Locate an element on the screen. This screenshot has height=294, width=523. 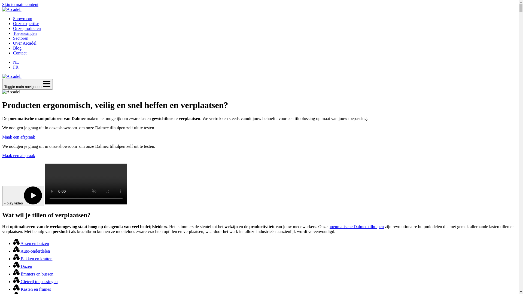
'FR' is located at coordinates (16, 67).